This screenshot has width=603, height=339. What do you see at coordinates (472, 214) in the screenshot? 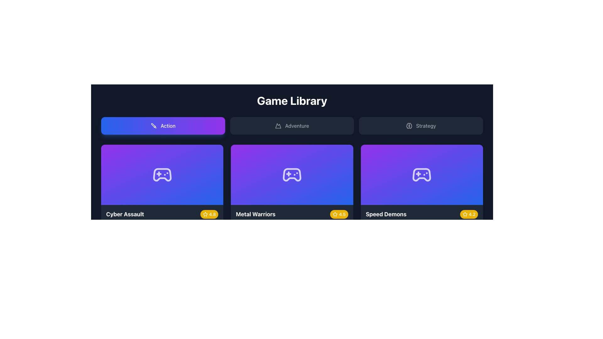
I see `displayed numeric rating value from the Text label located in the bottom-right corner of the 'Speed Demons' card, which is in the third position of the displayed row` at bounding box center [472, 214].